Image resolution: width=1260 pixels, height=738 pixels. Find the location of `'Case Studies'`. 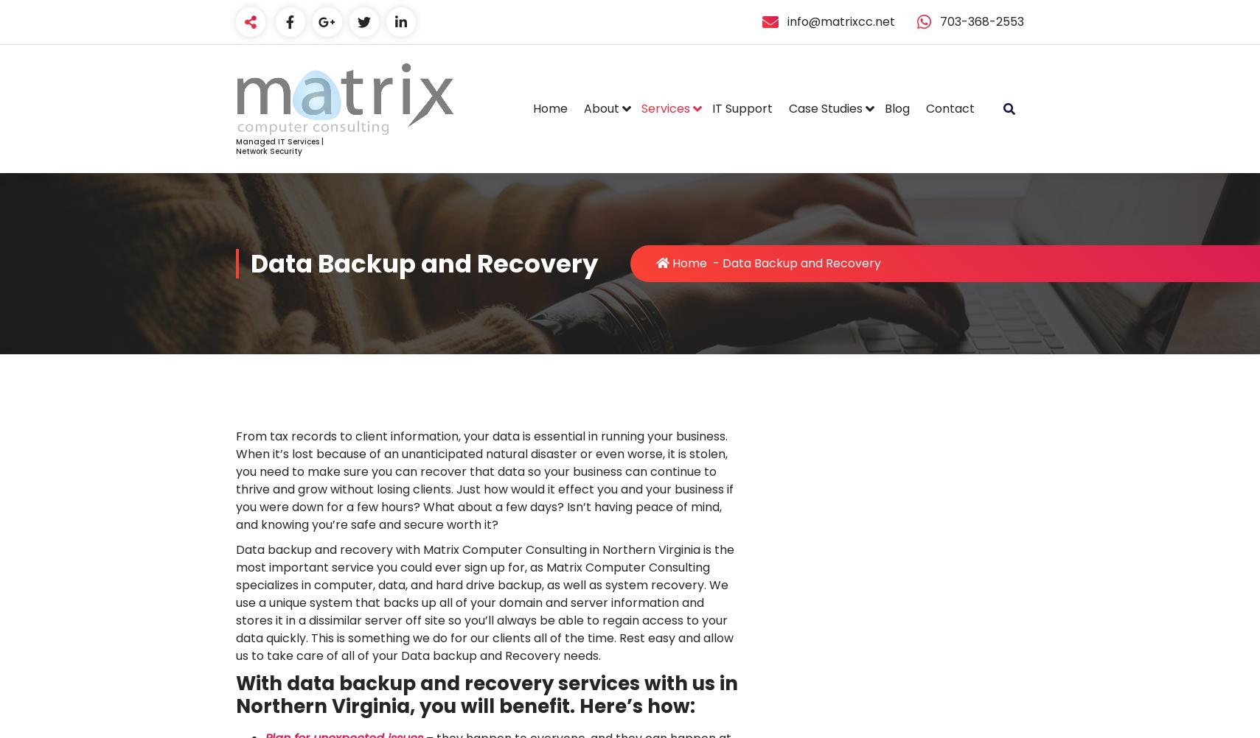

'Case Studies' is located at coordinates (826, 108).